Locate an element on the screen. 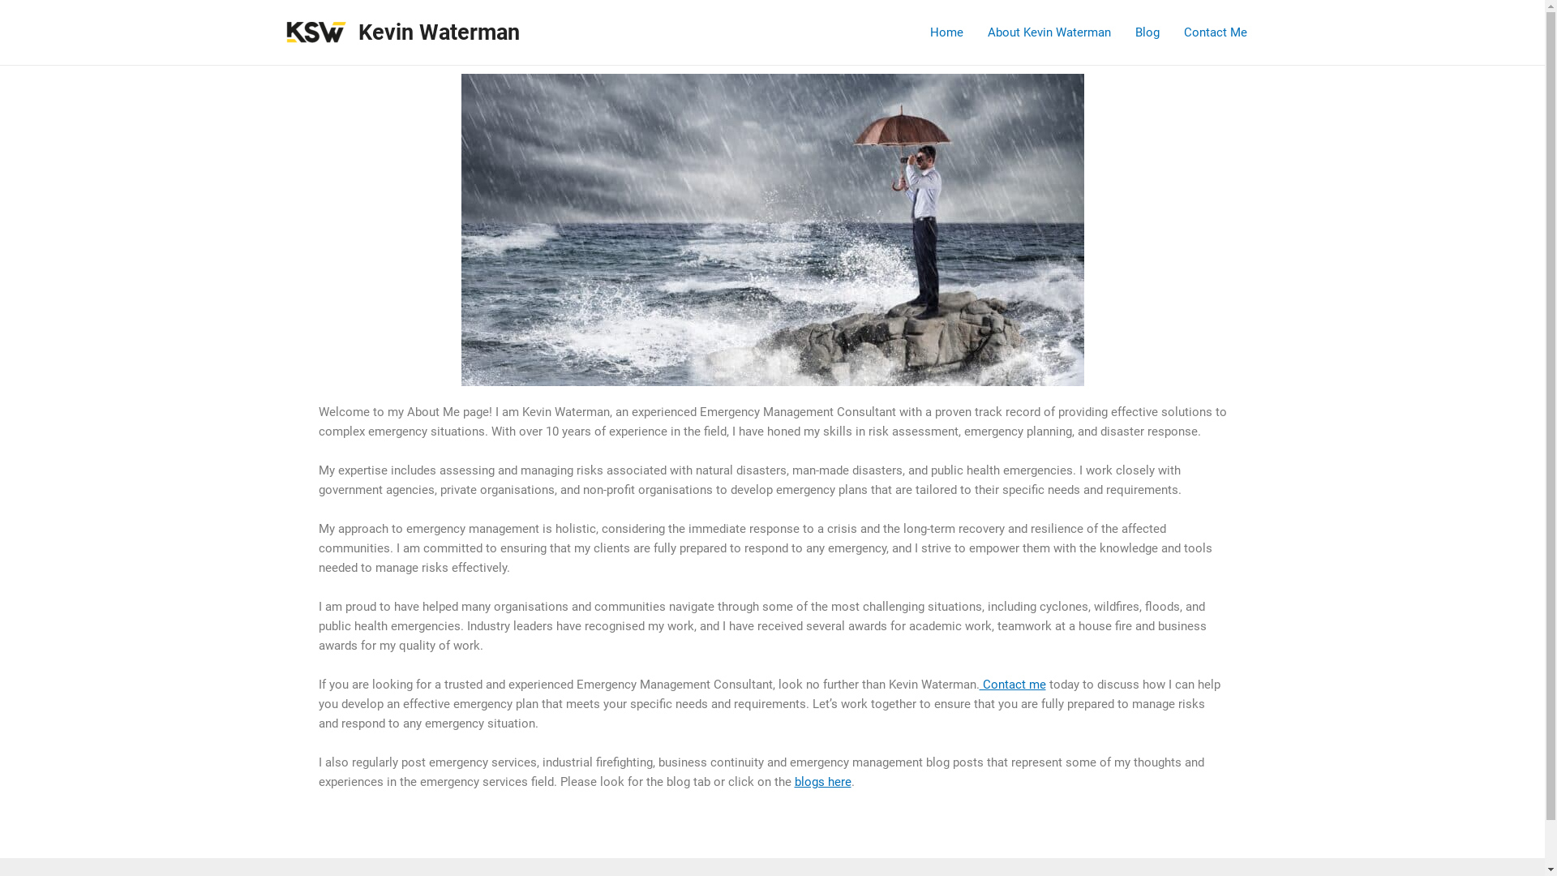  'Home' is located at coordinates (946, 32).